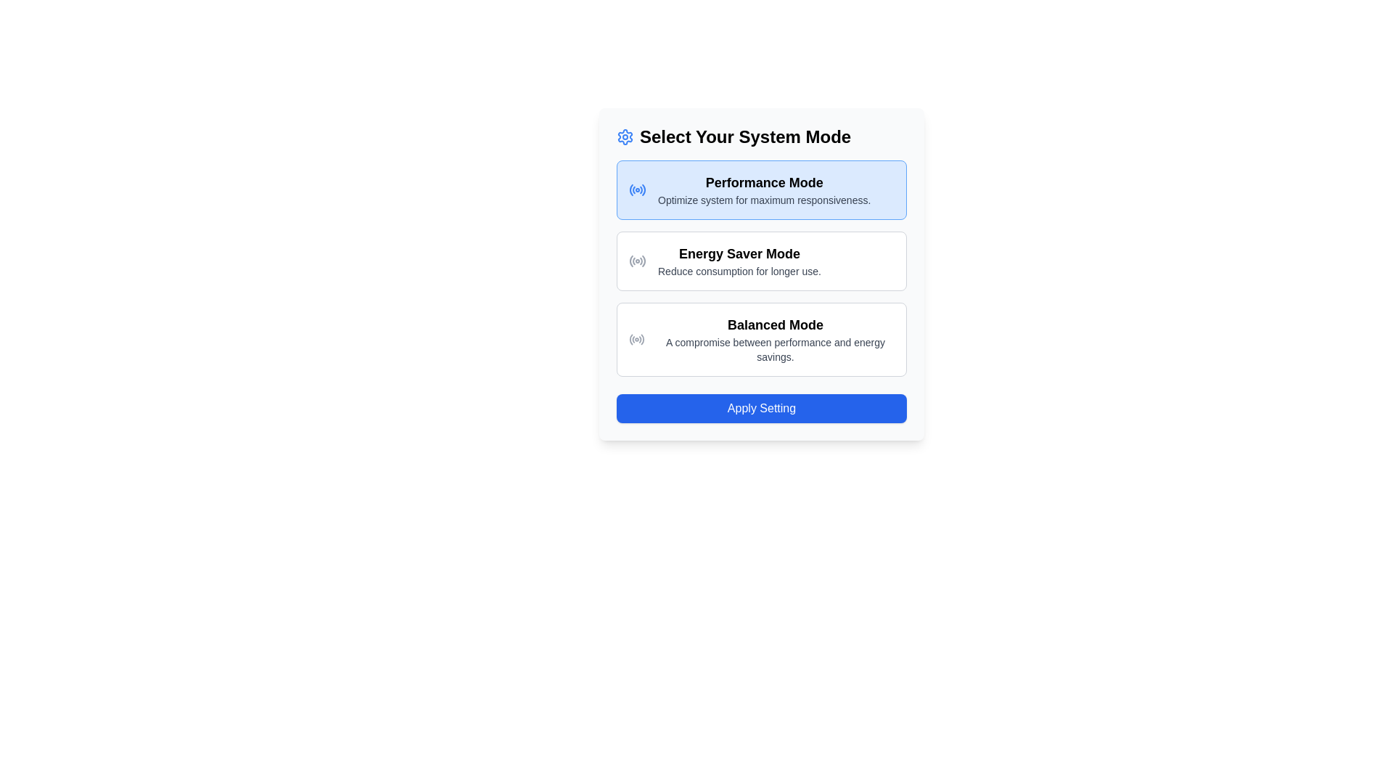 The image size is (1393, 784). What do you see at coordinates (625, 137) in the screenshot?
I see `the graphical icon representing a gear or settings symbol, located in the top-left corner of the settings selection interface, adjacent to the 'Select Your System Mode' title` at bounding box center [625, 137].